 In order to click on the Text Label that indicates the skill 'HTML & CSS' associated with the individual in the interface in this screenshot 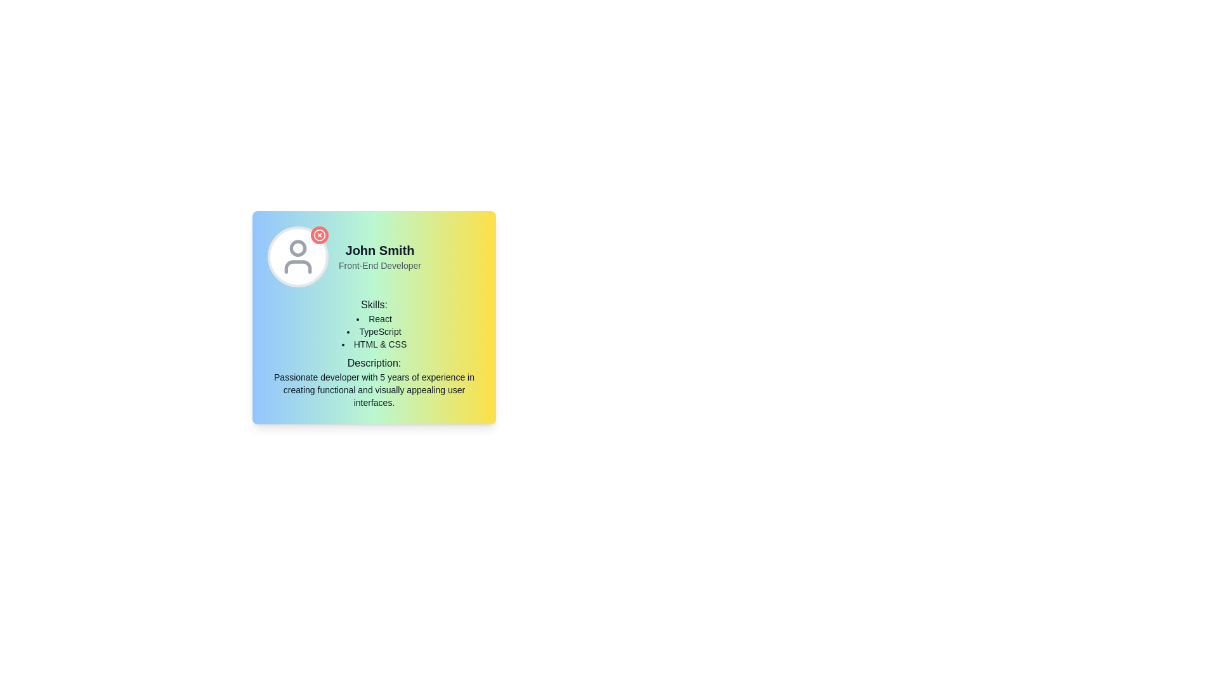, I will do `click(374, 344)`.